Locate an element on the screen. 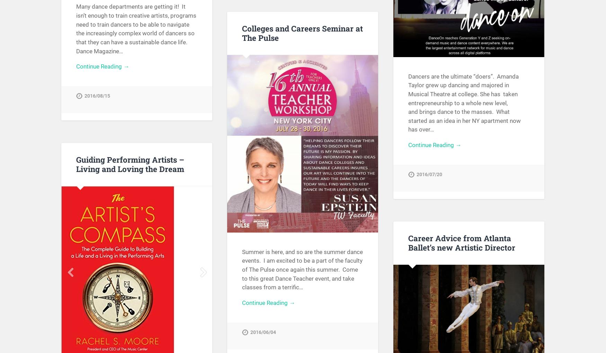 This screenshot has height=353, width=606. 'Colleges and Careers Seminar at The Pulse' is located at coordinates (242, 32).